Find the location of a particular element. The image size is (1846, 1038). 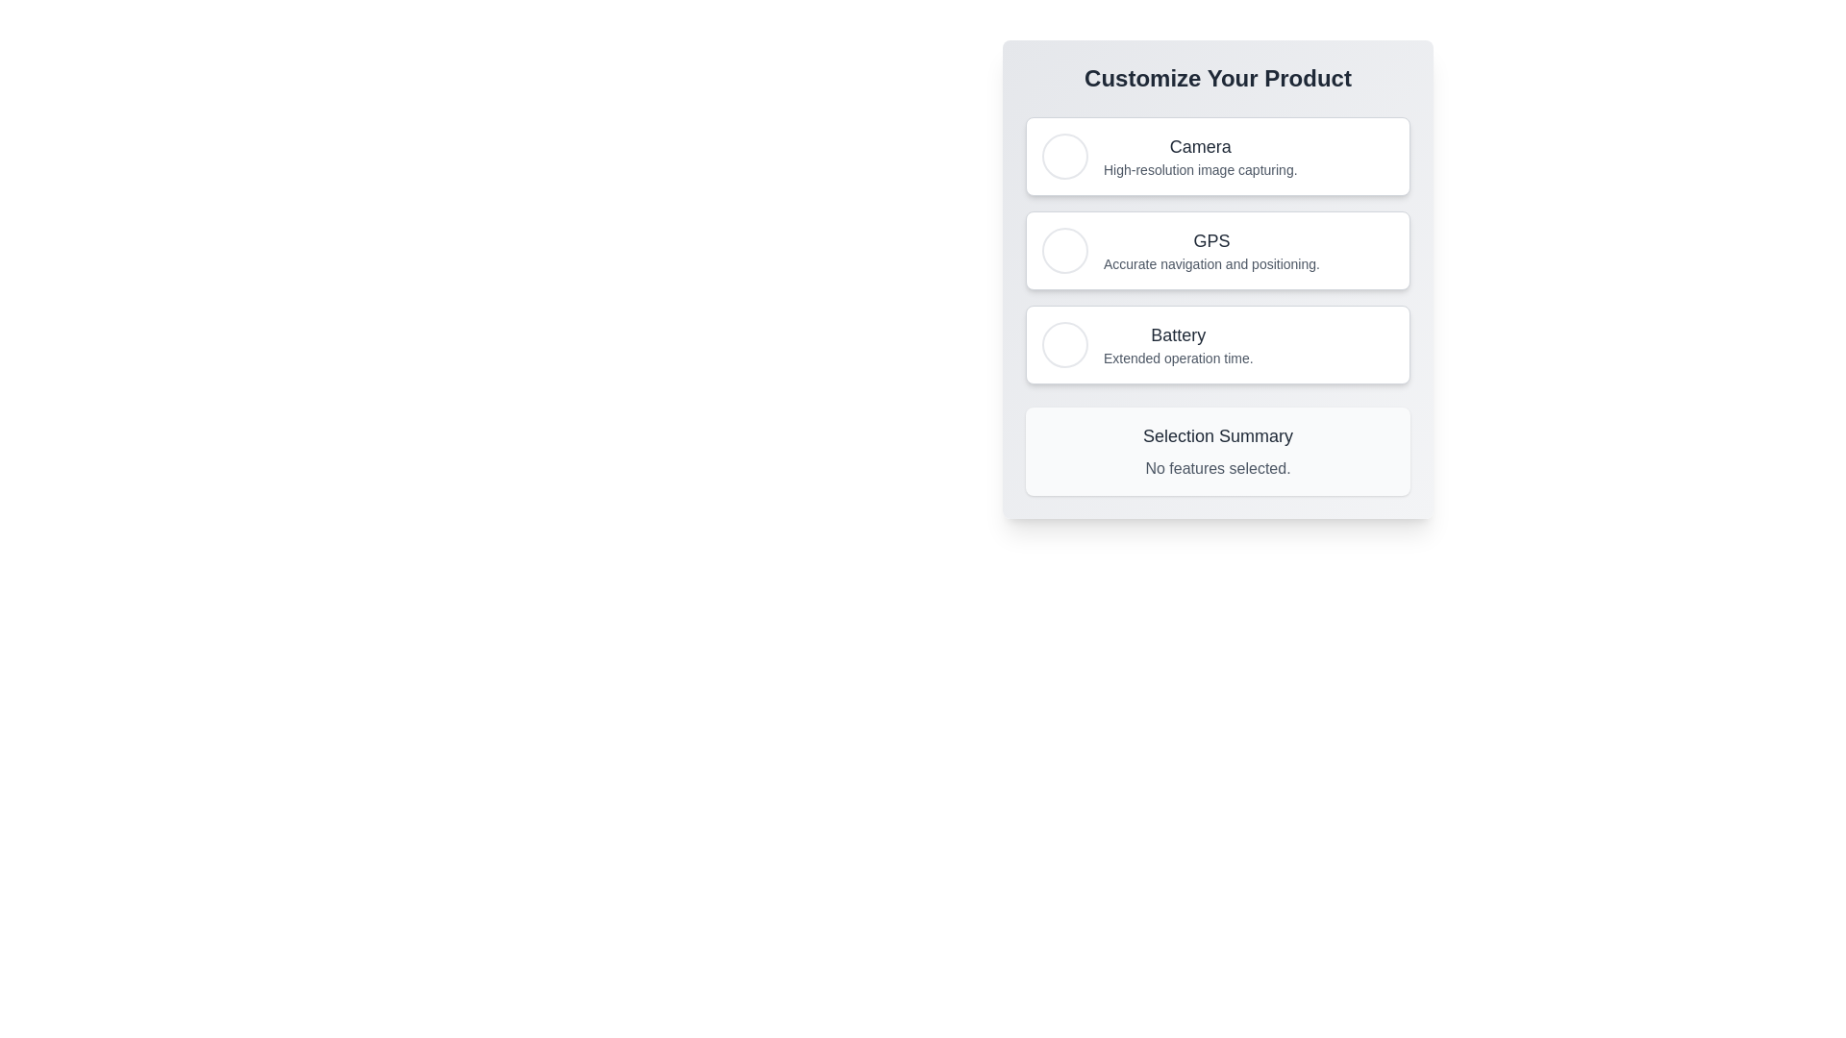

the static text label displaying 'High-resolution image capturing.' located below the text 'Camera' in a vertical list of selectable options is located at coordinates (1199, 169).